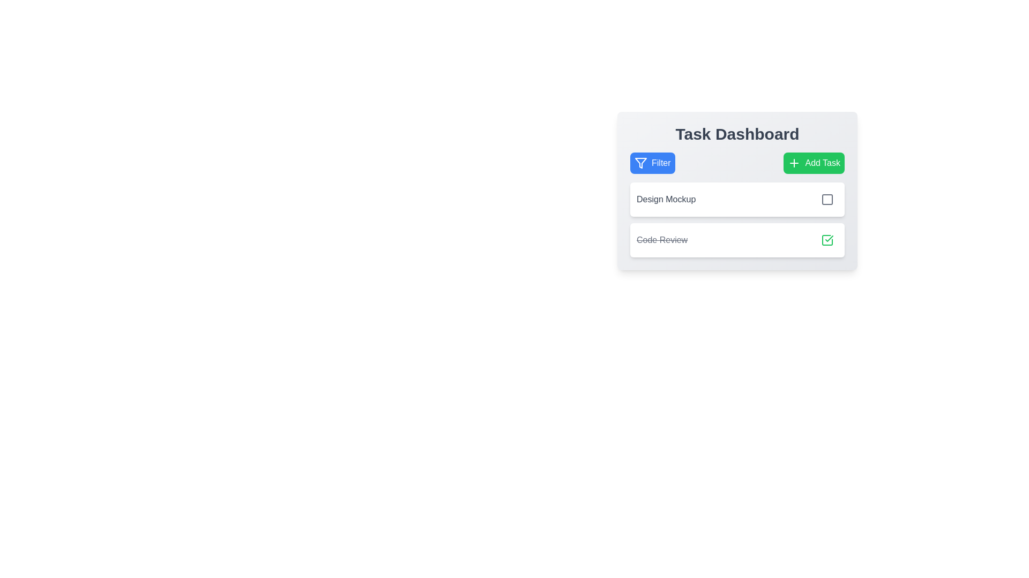  Describe the element at coordinates (827, 200) in the screenshot. I see `the checkbox control for the 'Design Mockup' task` at that location.